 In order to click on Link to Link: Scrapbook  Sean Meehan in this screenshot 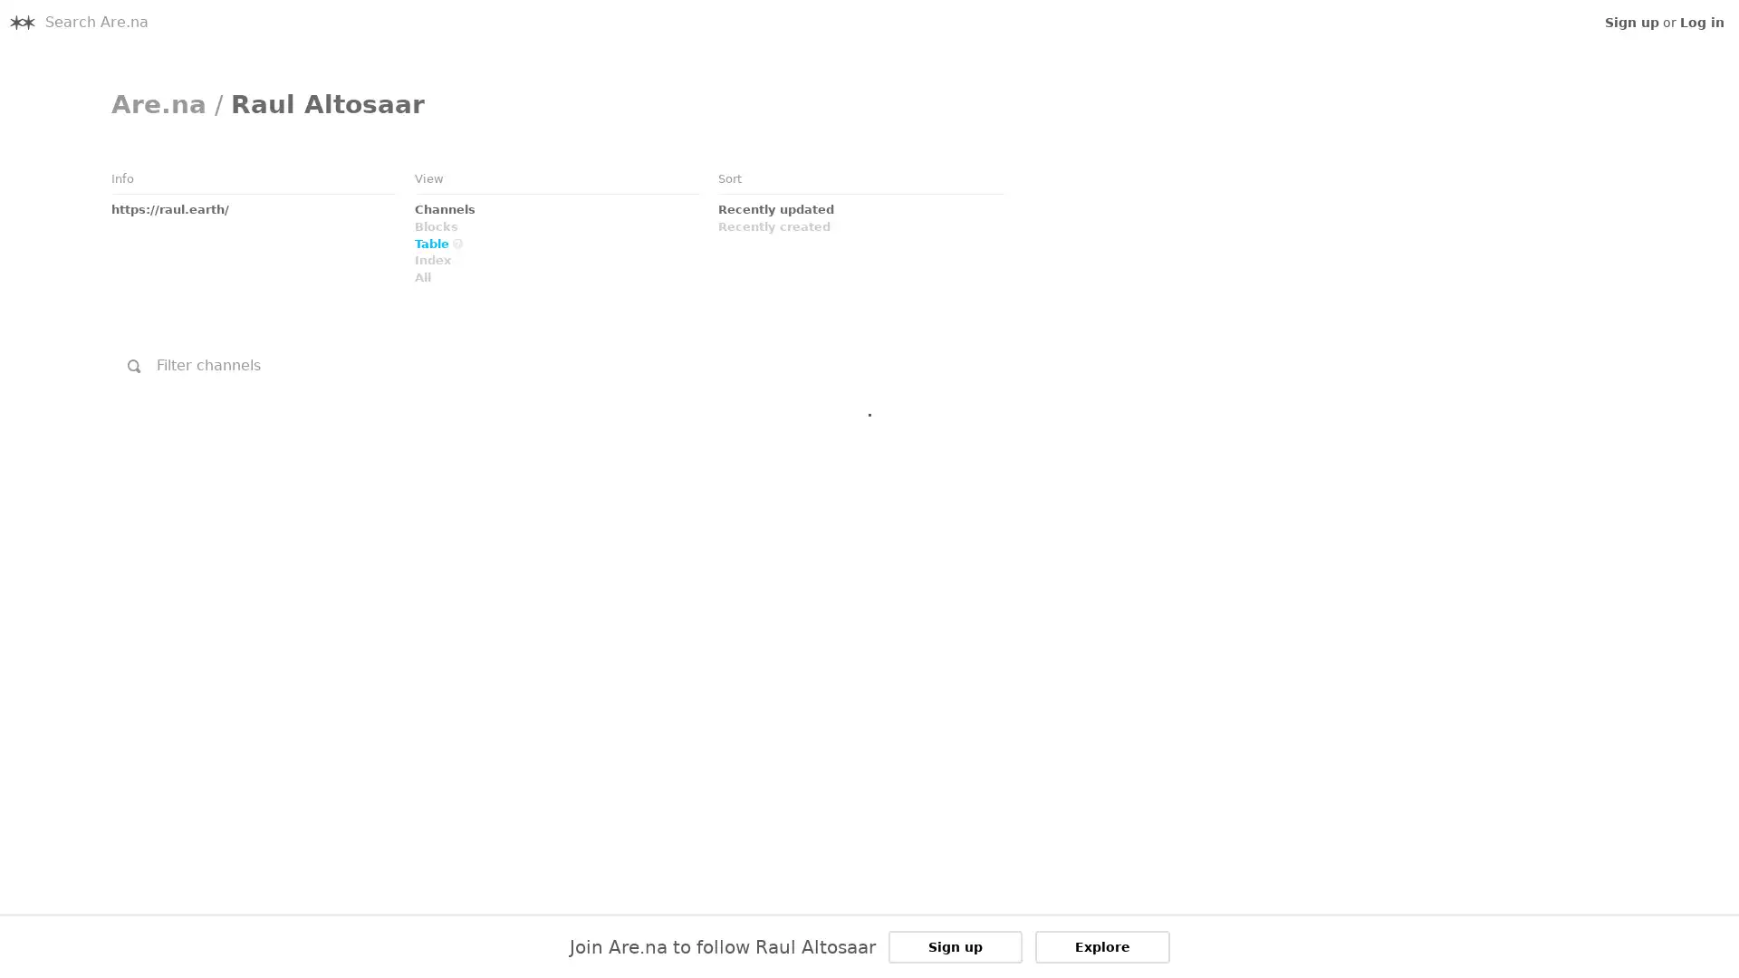, I will do `click(1466, 539)`.